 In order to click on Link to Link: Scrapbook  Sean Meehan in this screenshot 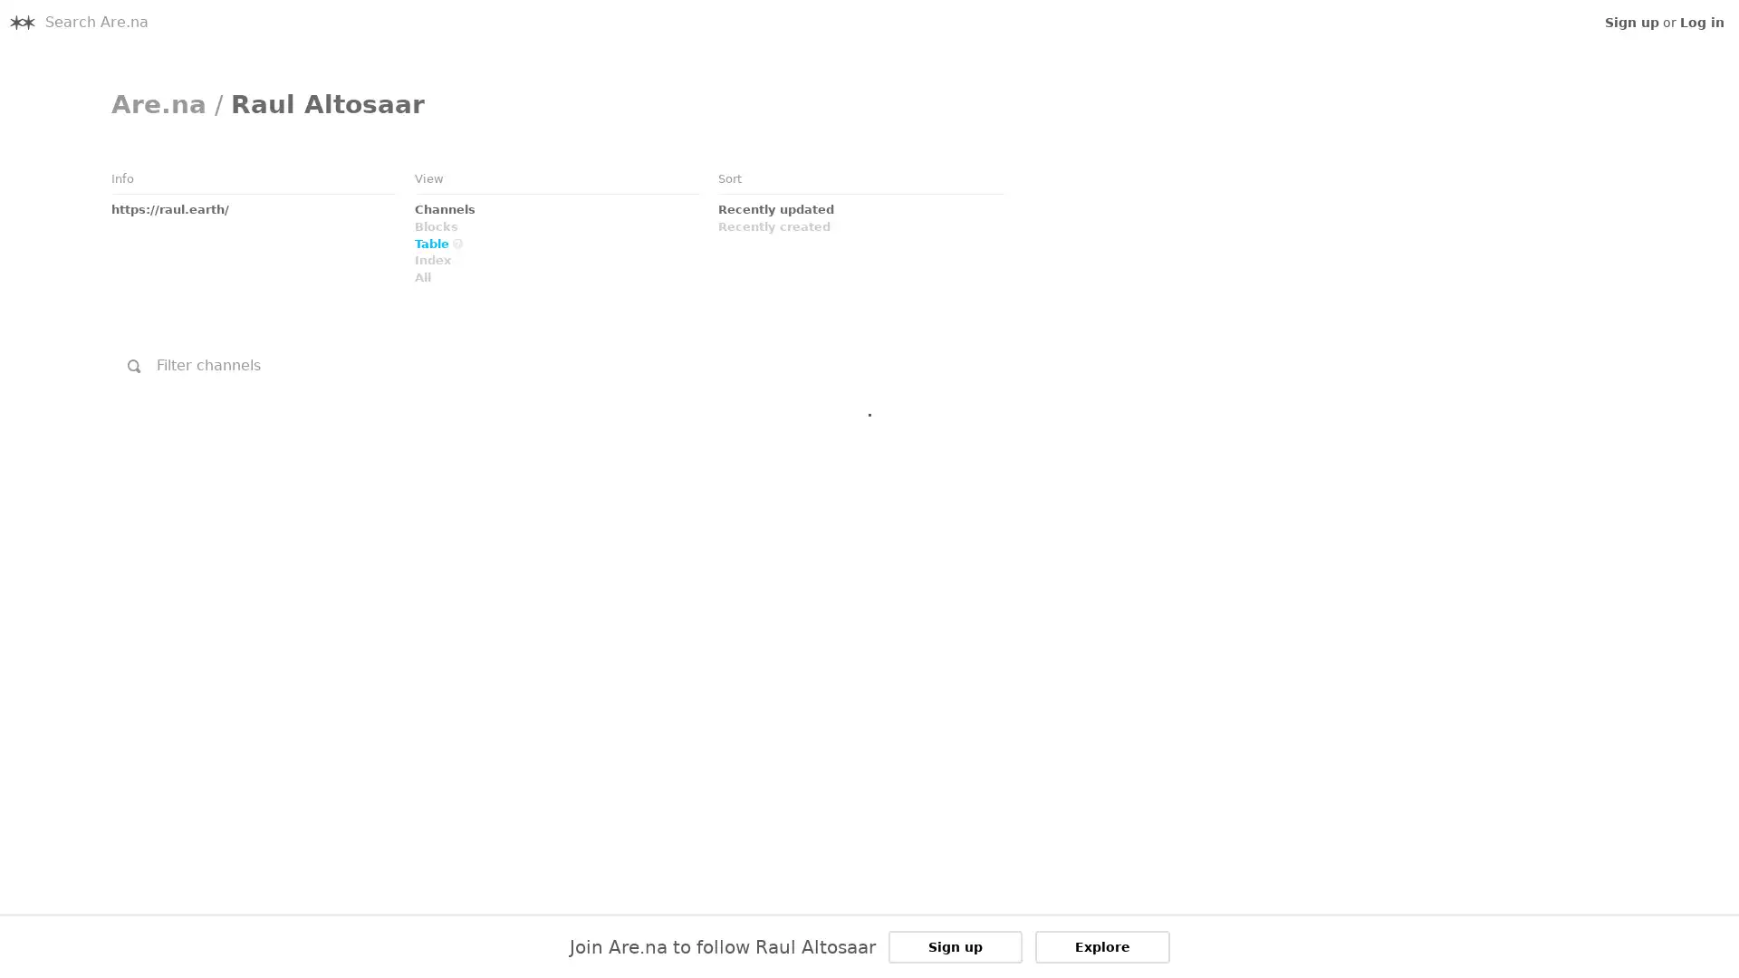, I will do `click(1466, 539)`.